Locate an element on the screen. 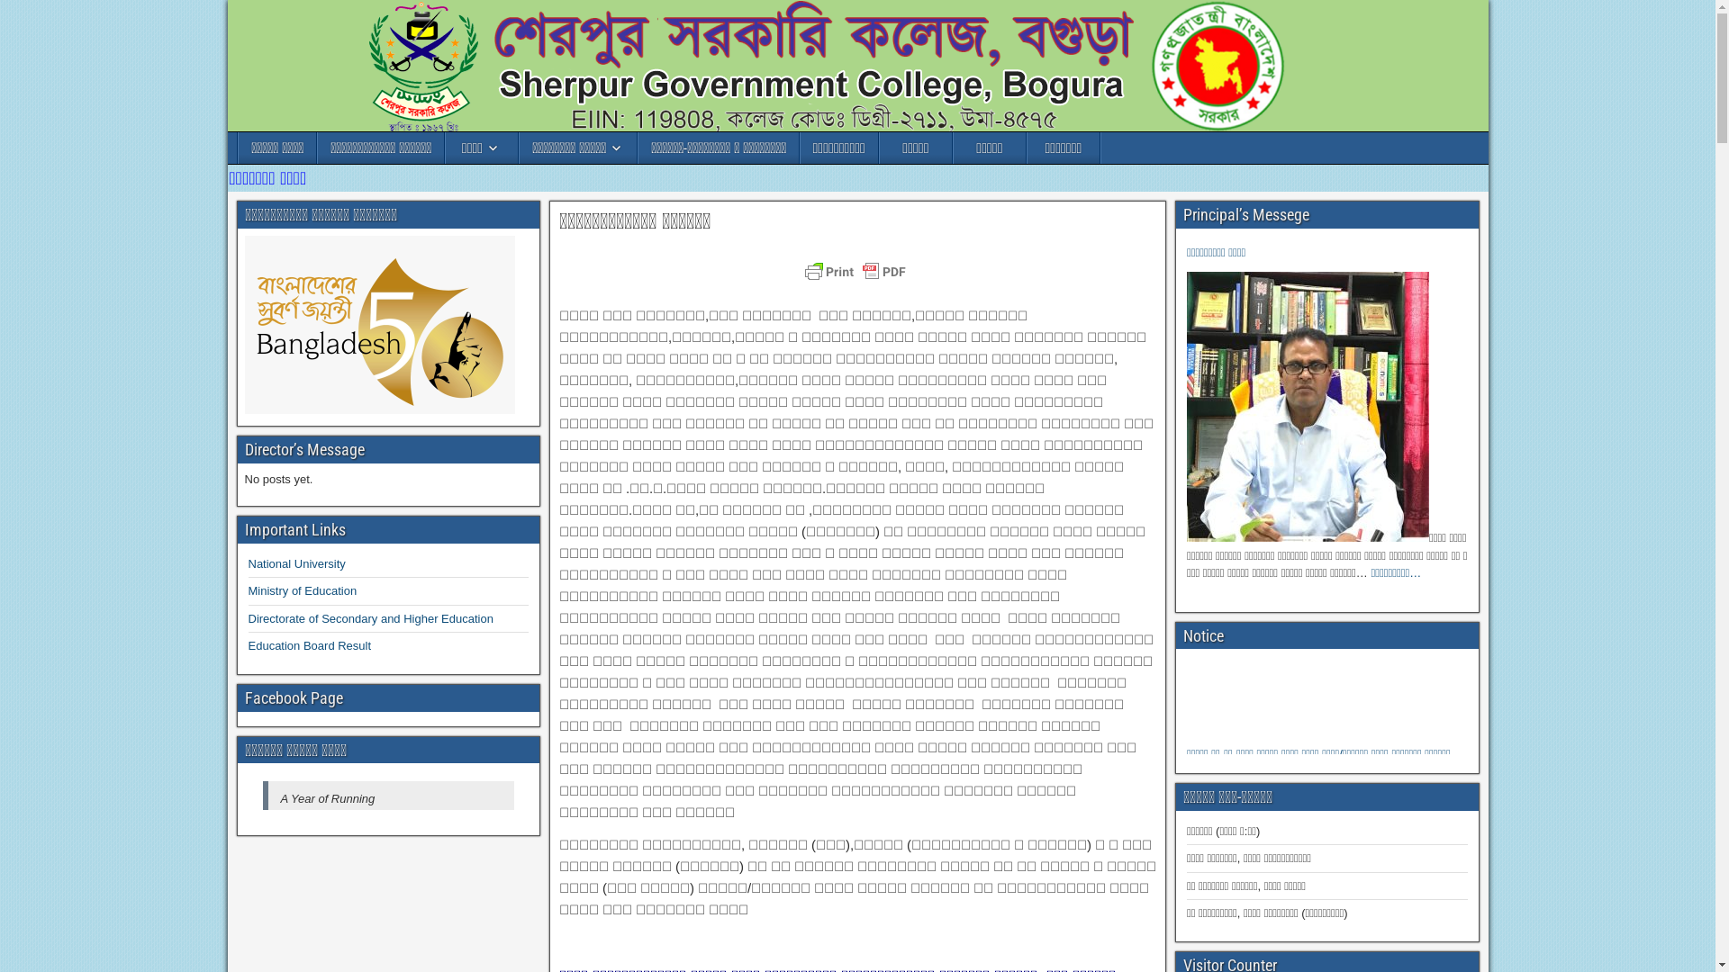 The width and height of the screenshot is (1729, 972). 'Printer Friendly, PDF & Email' is located at coordinates (857, 281).